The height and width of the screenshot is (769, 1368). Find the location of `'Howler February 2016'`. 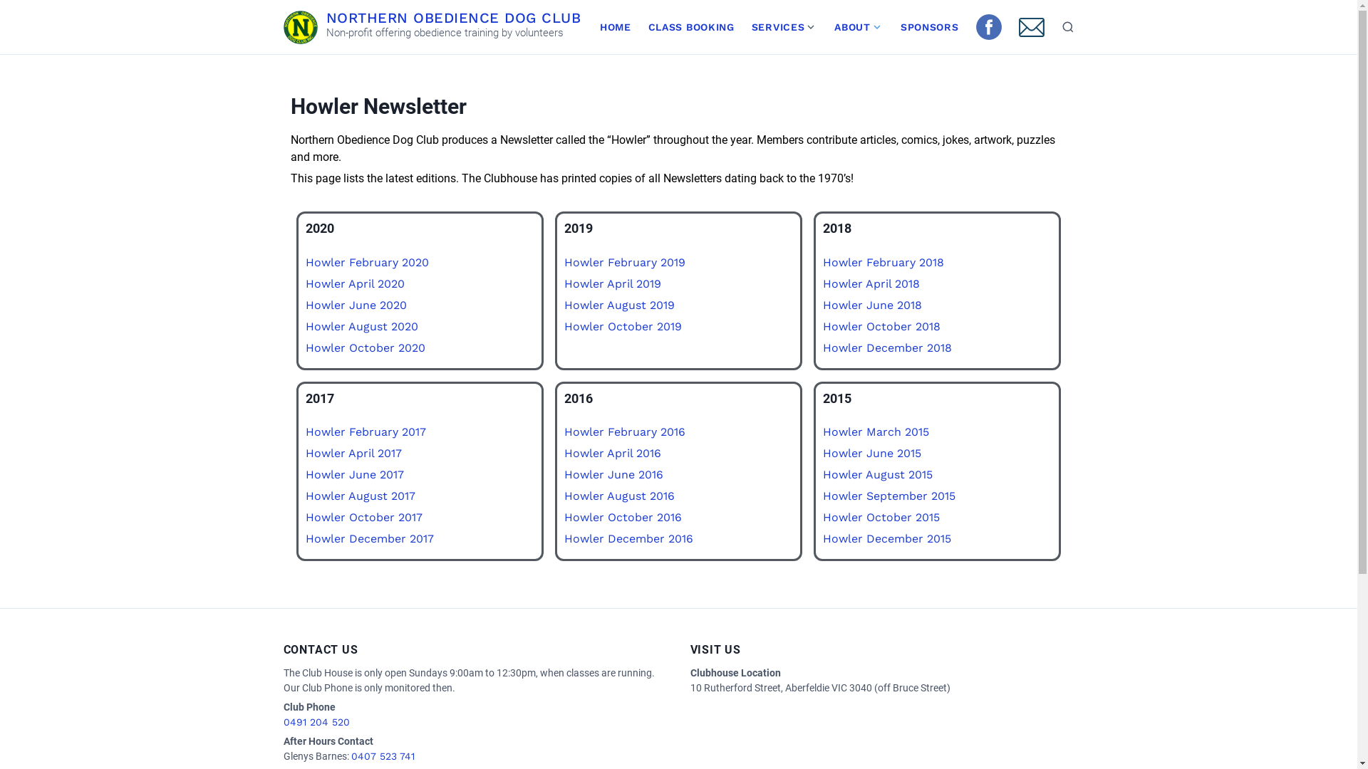

'Howler February 2016' is located at coordinates (625, 431).